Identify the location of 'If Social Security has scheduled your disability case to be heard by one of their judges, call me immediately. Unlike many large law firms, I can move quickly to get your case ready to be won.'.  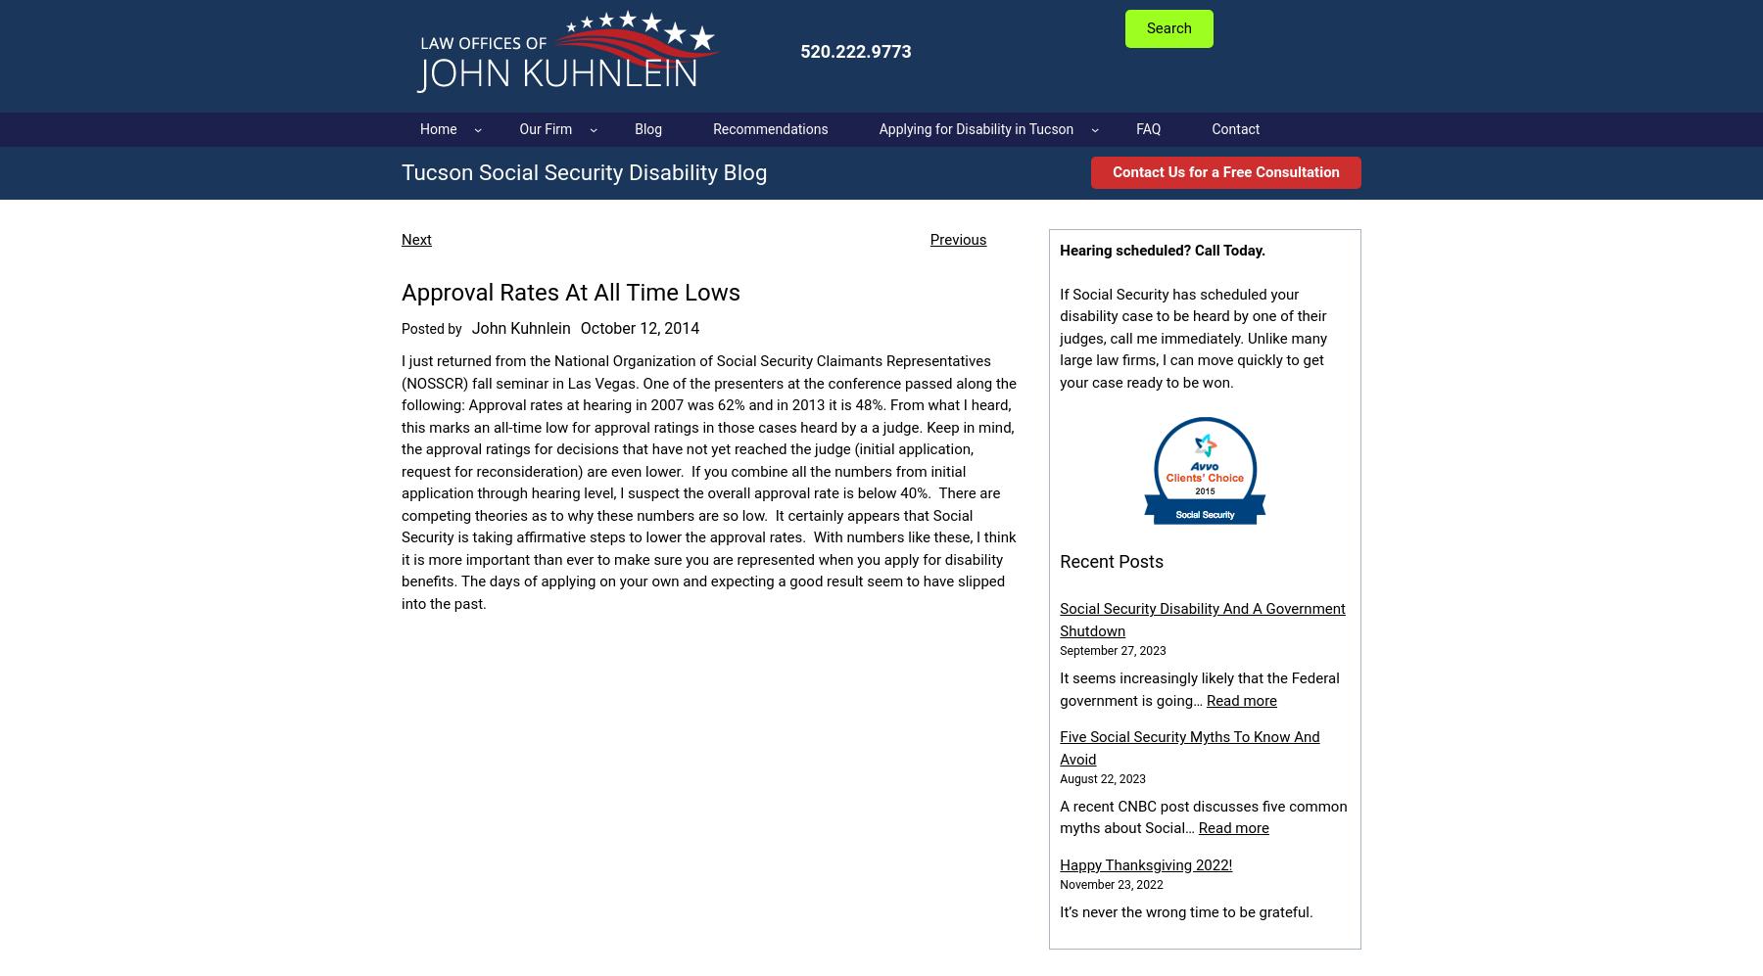
(1059, 336).